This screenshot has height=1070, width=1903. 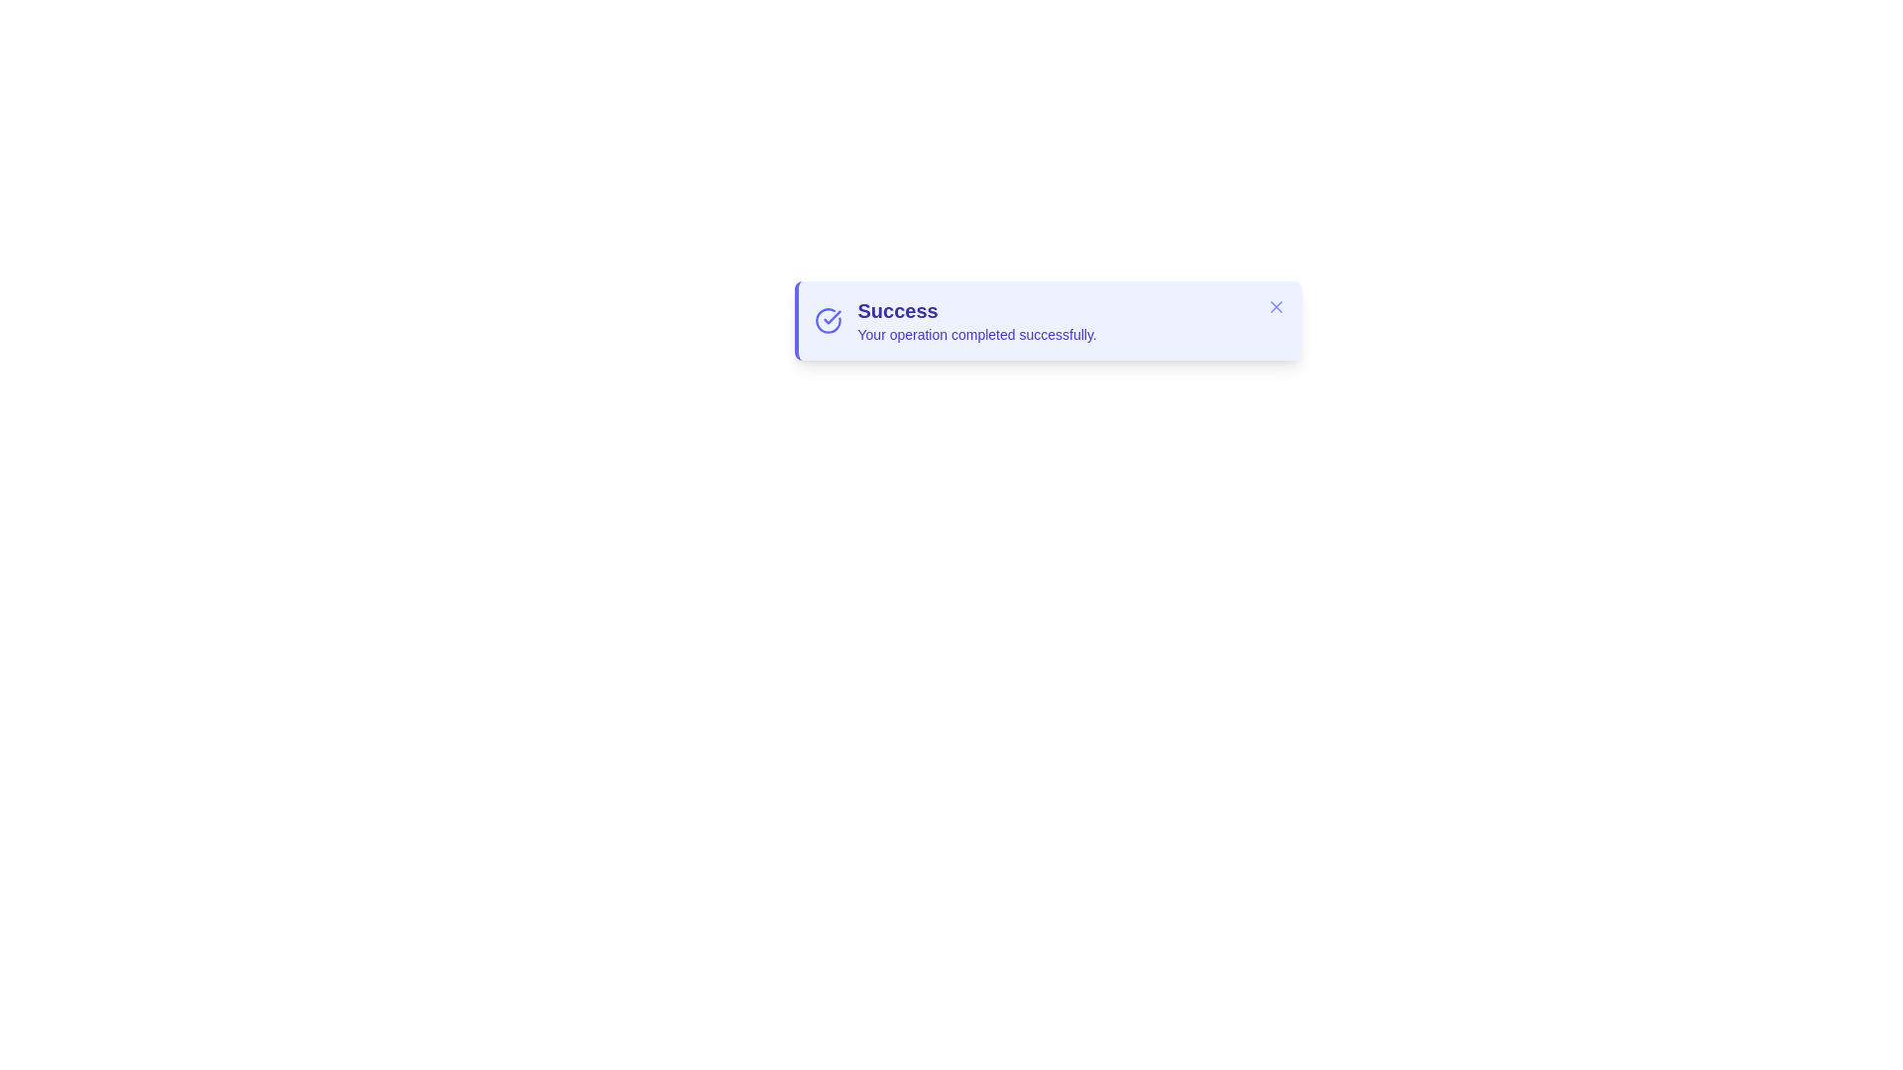 What do you see at coordinates (1047, 320) in the screenshot?
I see `the success notification banner that informs the user of a completed operation, which includes a dismiss option` at bounding box center [1047, 320].